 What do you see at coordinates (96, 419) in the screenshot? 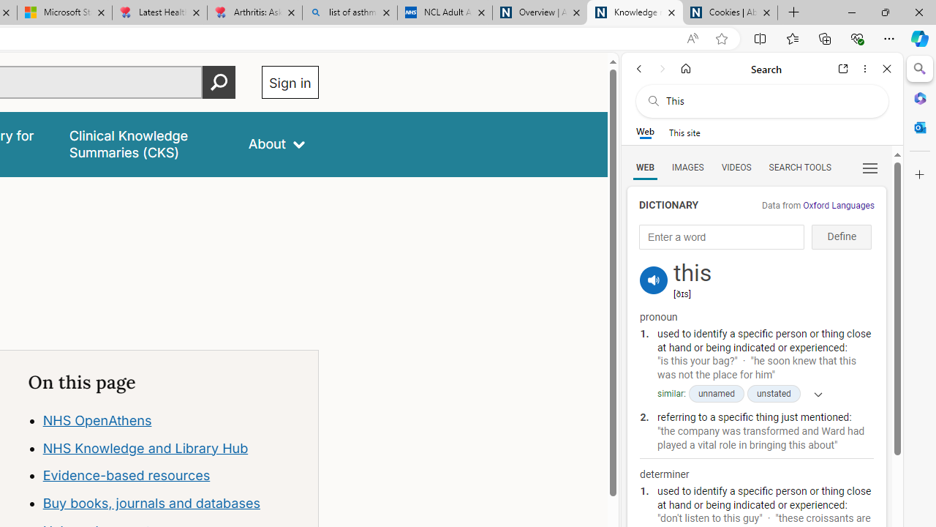
I see `'NHS OpenAthens'` at bounding box center [96, 419].